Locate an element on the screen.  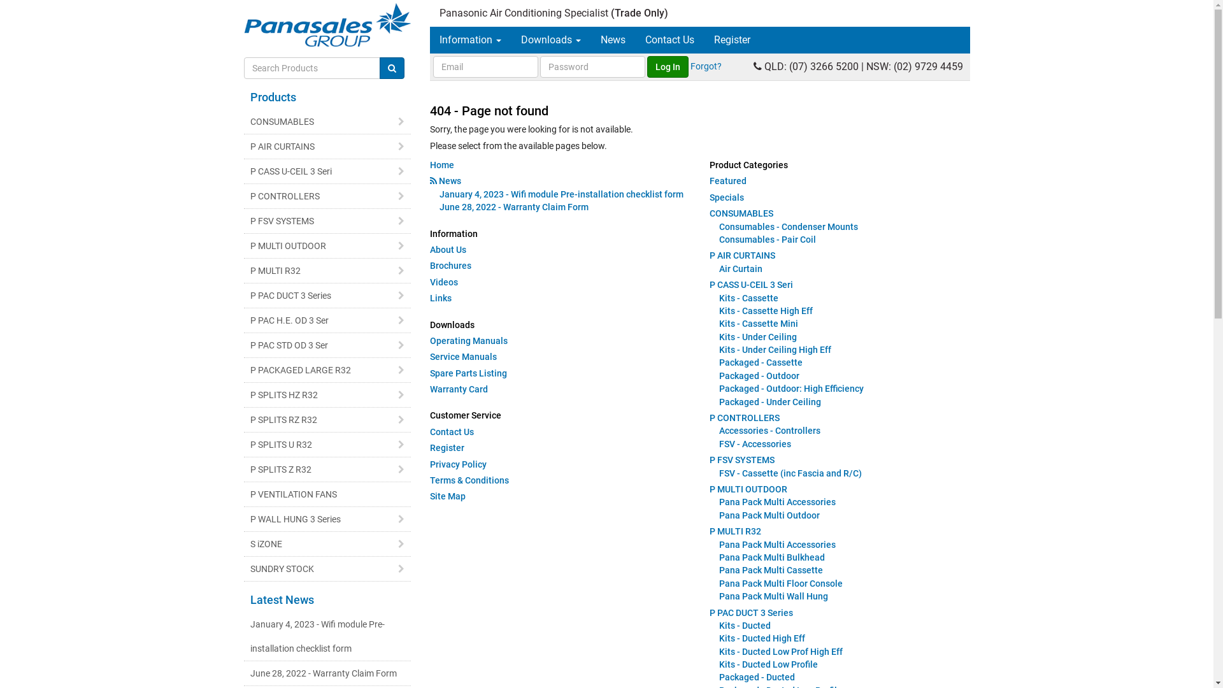
'CONSUMABLES' is located at coordinates (243, 122).